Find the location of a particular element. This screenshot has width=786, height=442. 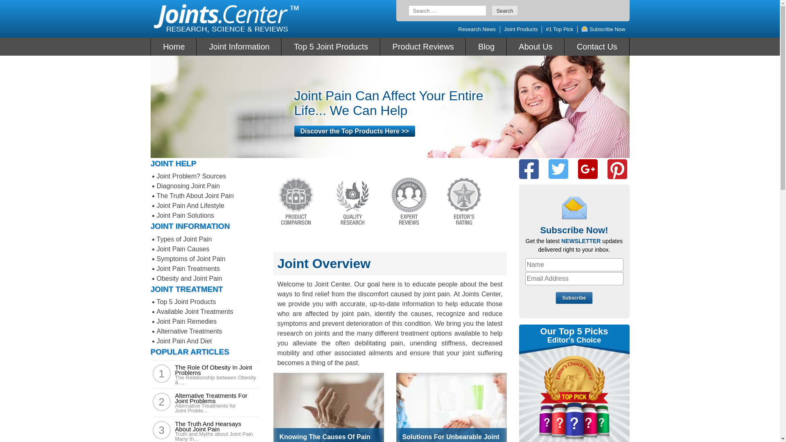

'#1 Top Pick' is located at coordinates (559, 29).